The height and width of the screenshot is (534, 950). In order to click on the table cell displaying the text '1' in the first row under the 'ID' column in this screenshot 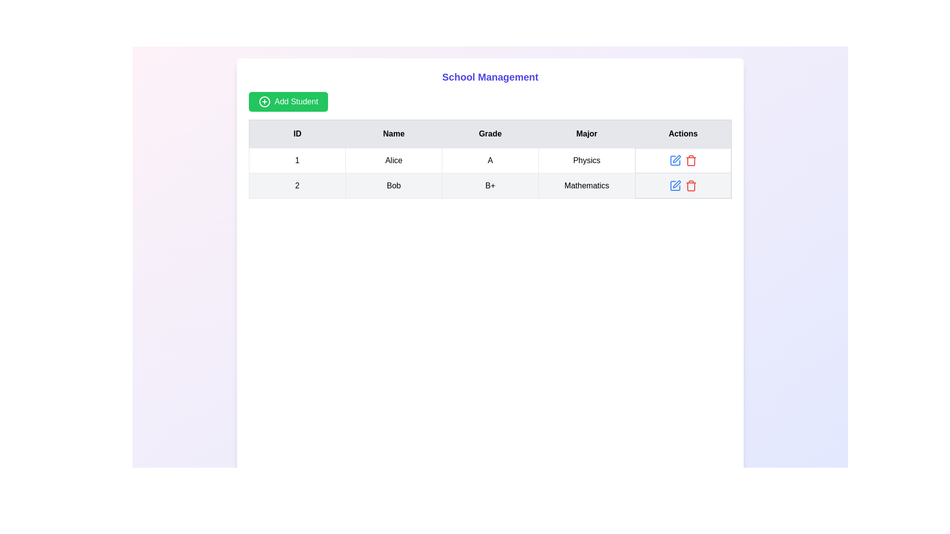, I will do `click(296, 160)`.